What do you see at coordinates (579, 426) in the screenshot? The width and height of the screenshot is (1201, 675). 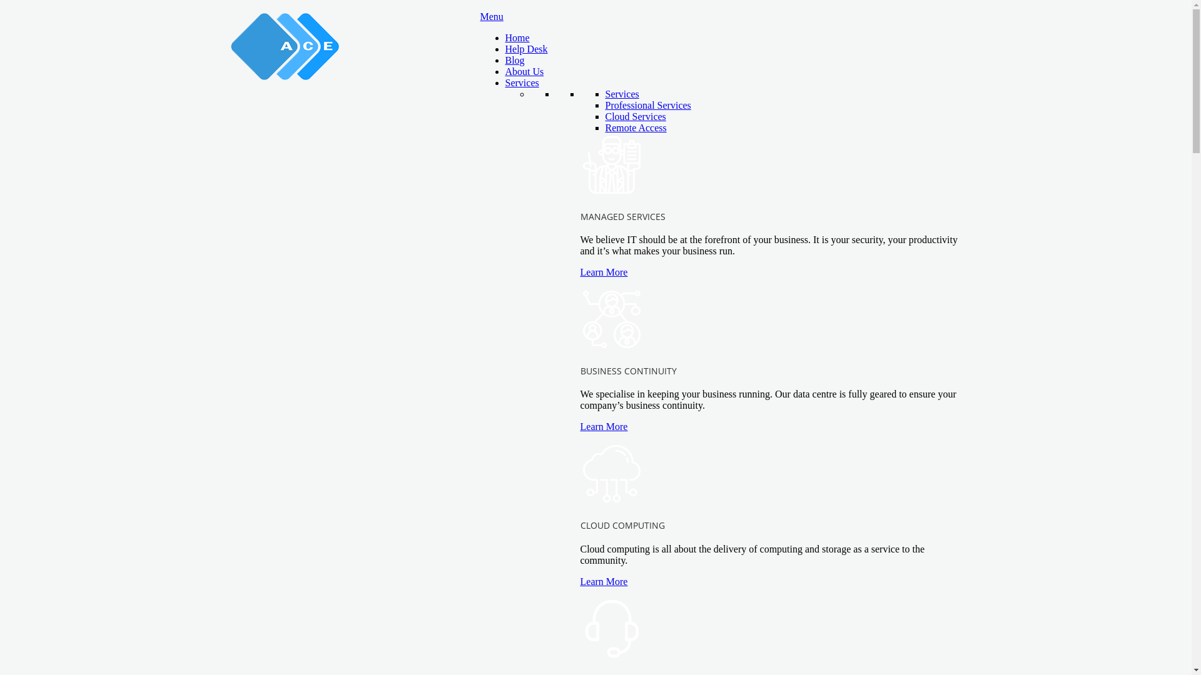 I see `'Learn More'` at bounding box center [579, 426].